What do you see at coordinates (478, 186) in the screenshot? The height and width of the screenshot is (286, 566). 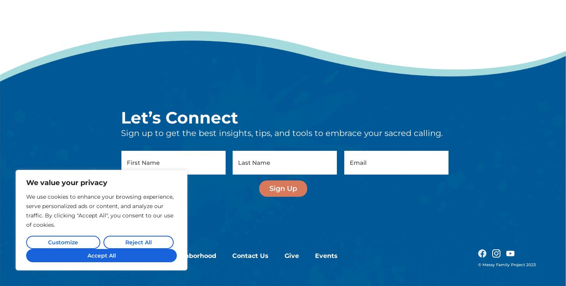 I see `'© Messy Family Project 2023'` at bounding box center [478, 186].